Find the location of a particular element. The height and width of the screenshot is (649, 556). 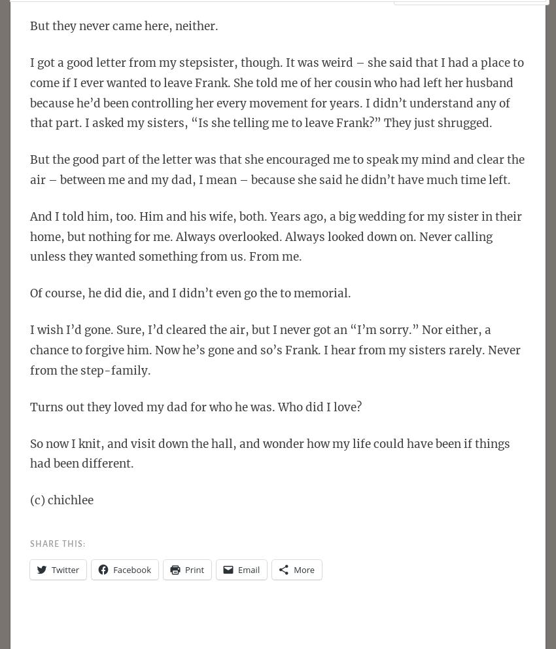

'Facebook' is located at coordinates (131, 569).